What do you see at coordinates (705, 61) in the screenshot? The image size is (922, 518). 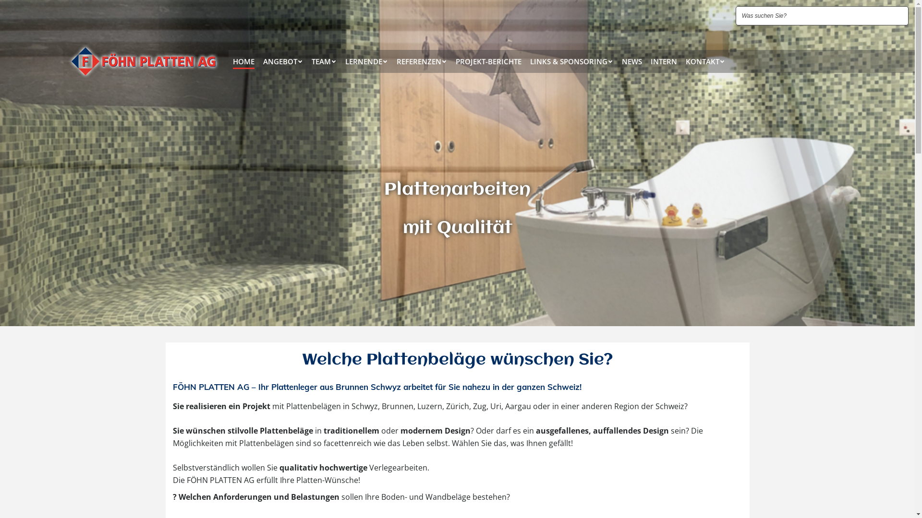 I see `'KONTAKT'` at bounding box center [705, 61].